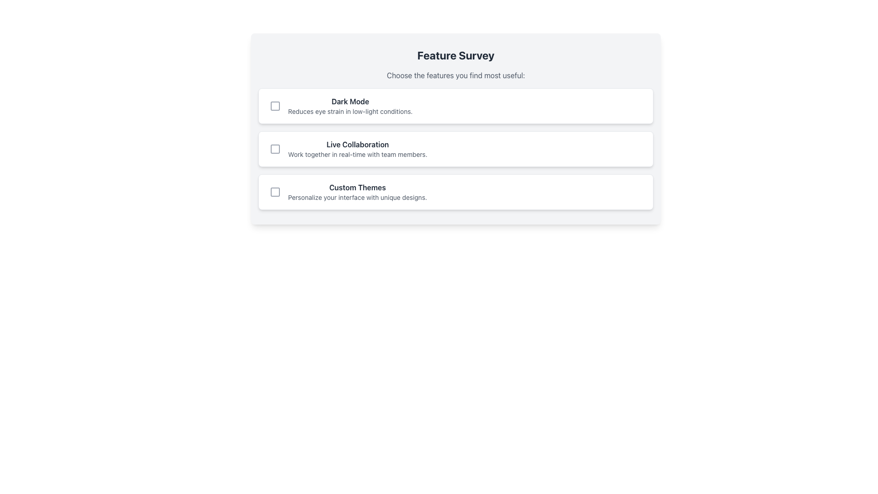 This screenshot has height=494, width=878. I want to click on the checkboxes in the 'Feature Survey' section to select features, specifically targeting the second block in the list of feature options, so click(456, 129).